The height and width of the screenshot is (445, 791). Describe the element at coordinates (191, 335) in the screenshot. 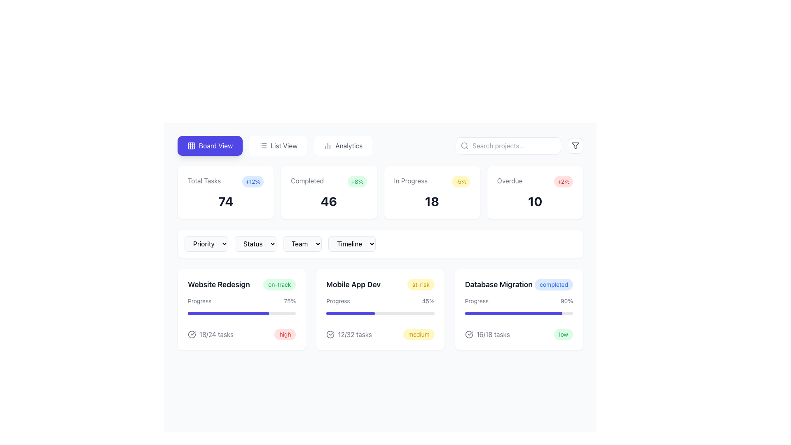

I see `the completion status icon positioned to the left of the text '18/24 tasks' in the task management interface` at that location.